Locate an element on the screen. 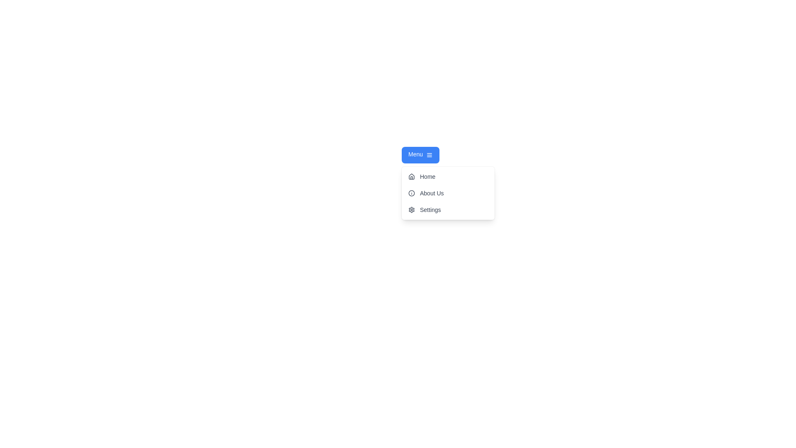  the house icon located to the left of the 'Home' menu option, which is styled with a classic angular roof and a door-like rectangle is located at coordinates (412, 176).